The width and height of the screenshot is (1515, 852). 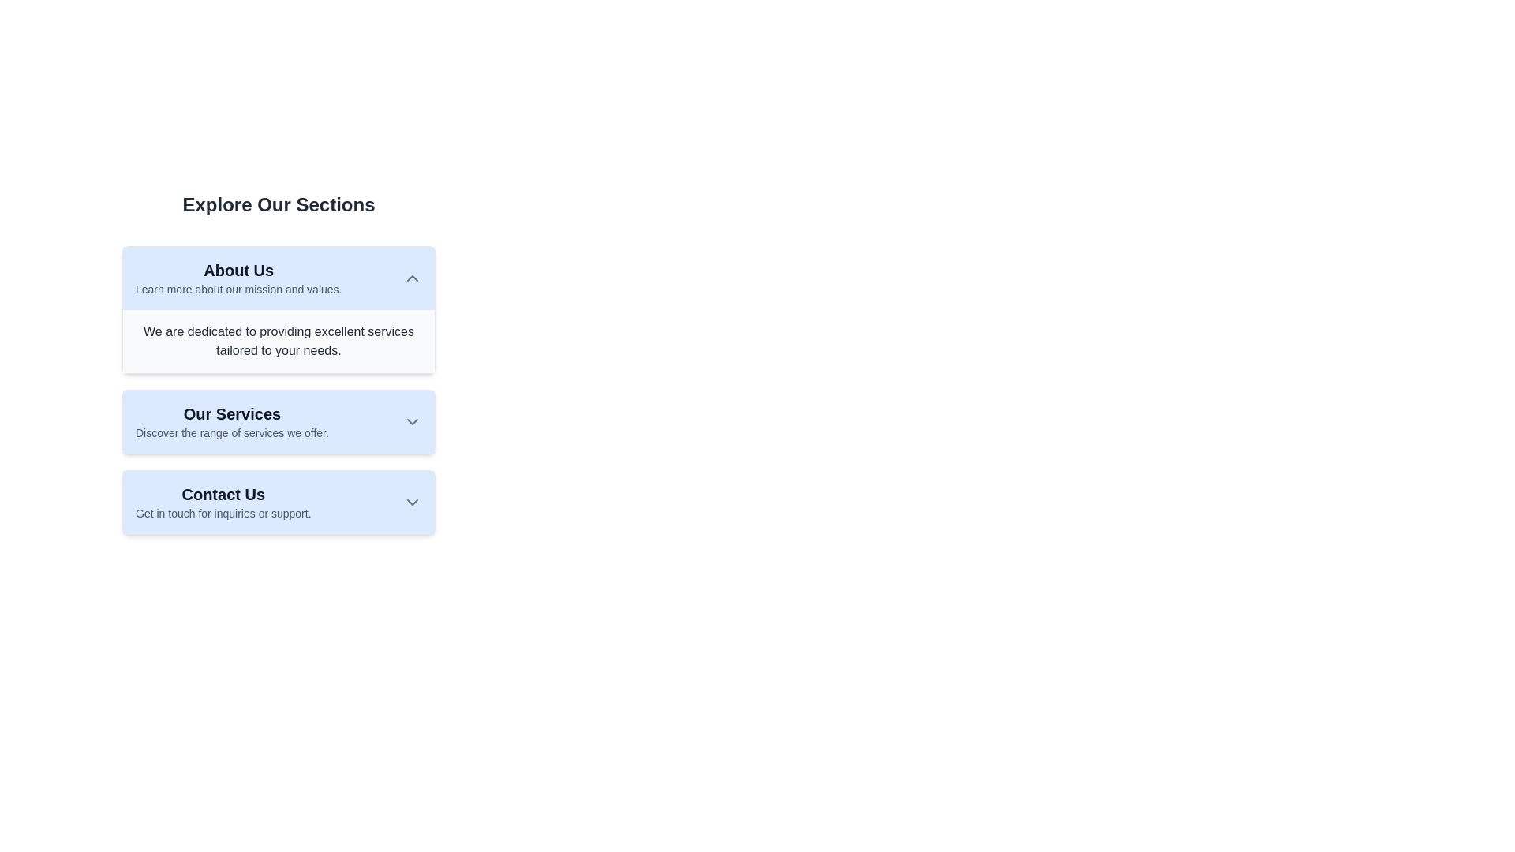 What do you see at coordinates (279, 278) in the screenshot?
I see `the 'About Us' Collapsible Panel Header, which is a light blue rectangular box with the title in bold dark font` at bounding box center [279, 278].